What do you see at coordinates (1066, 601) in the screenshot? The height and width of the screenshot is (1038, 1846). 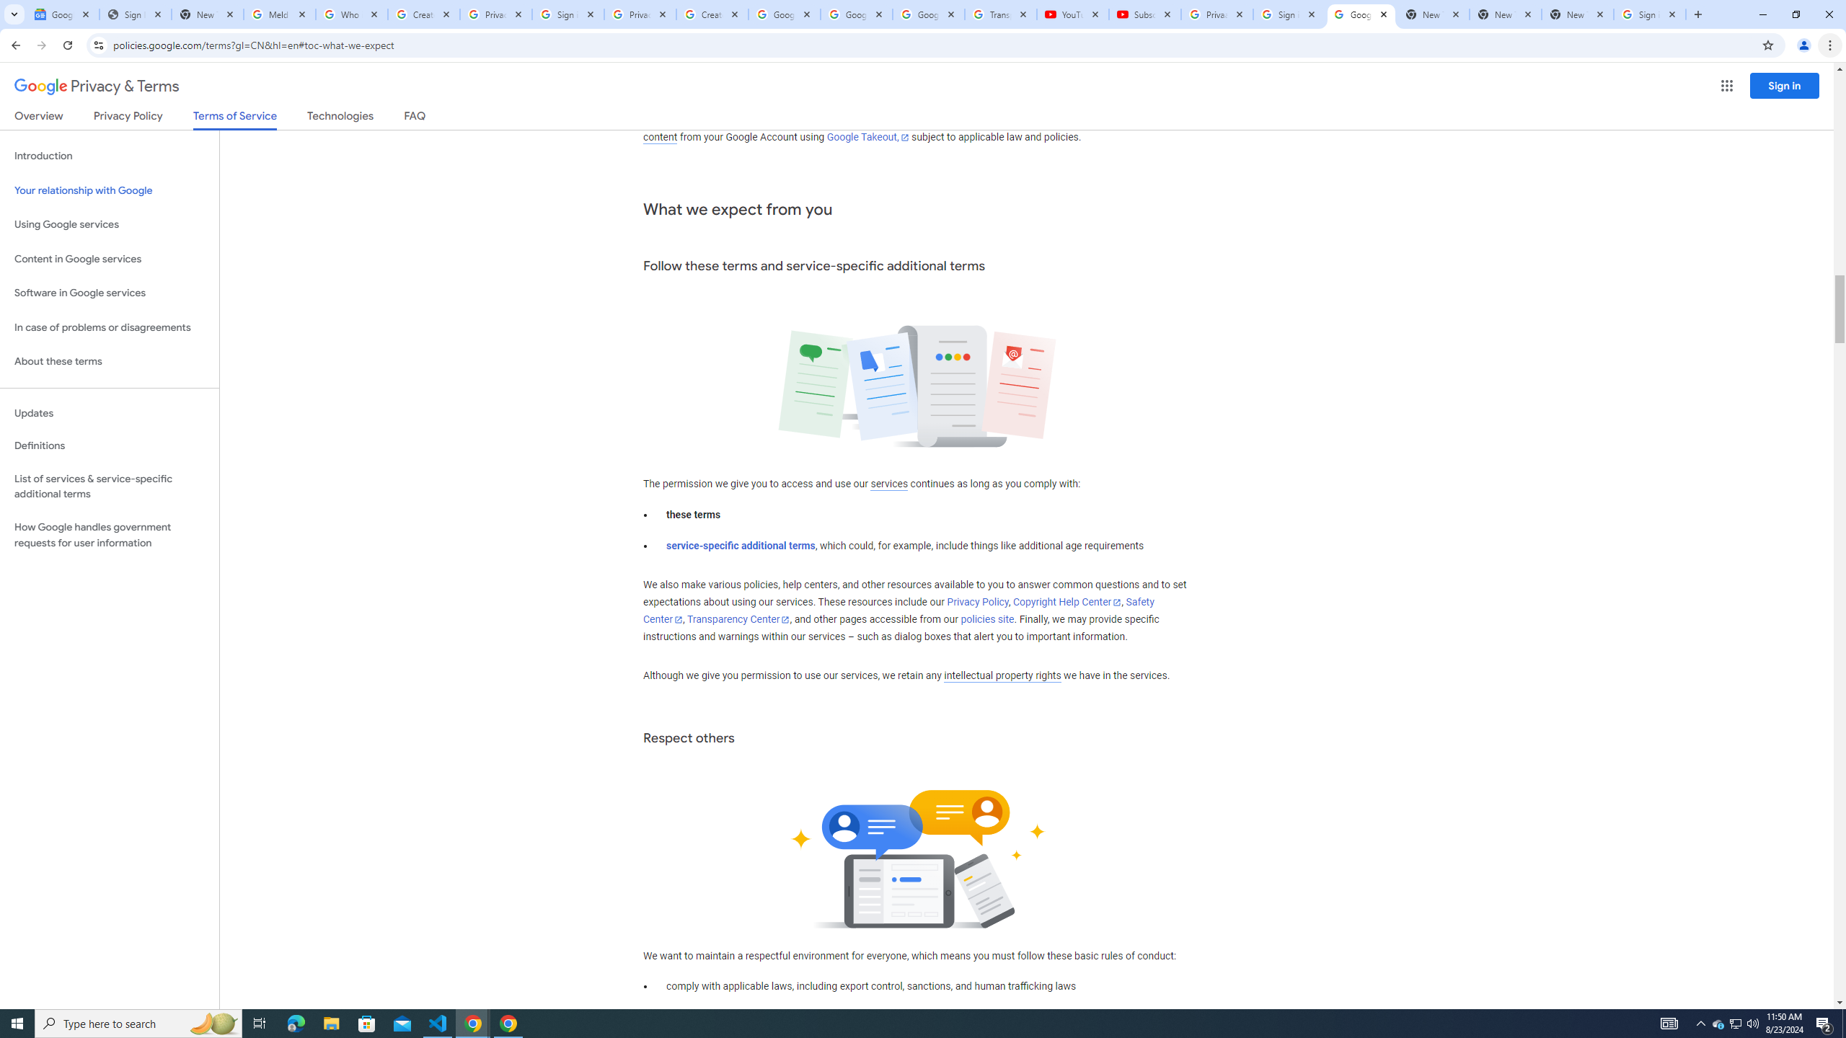 I see `'Copyright Help Center'` at bounding box center [1066, 601].